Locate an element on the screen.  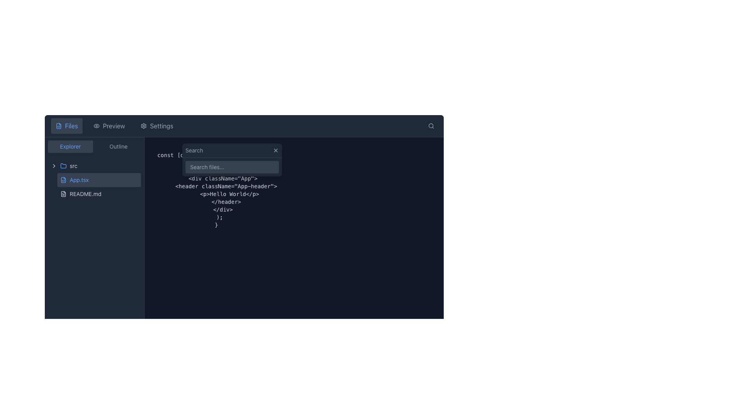
the 'Preview' navigation option located in the horizontal navigation bar at the top left corner of the interface is located at coordinates (114, 126).